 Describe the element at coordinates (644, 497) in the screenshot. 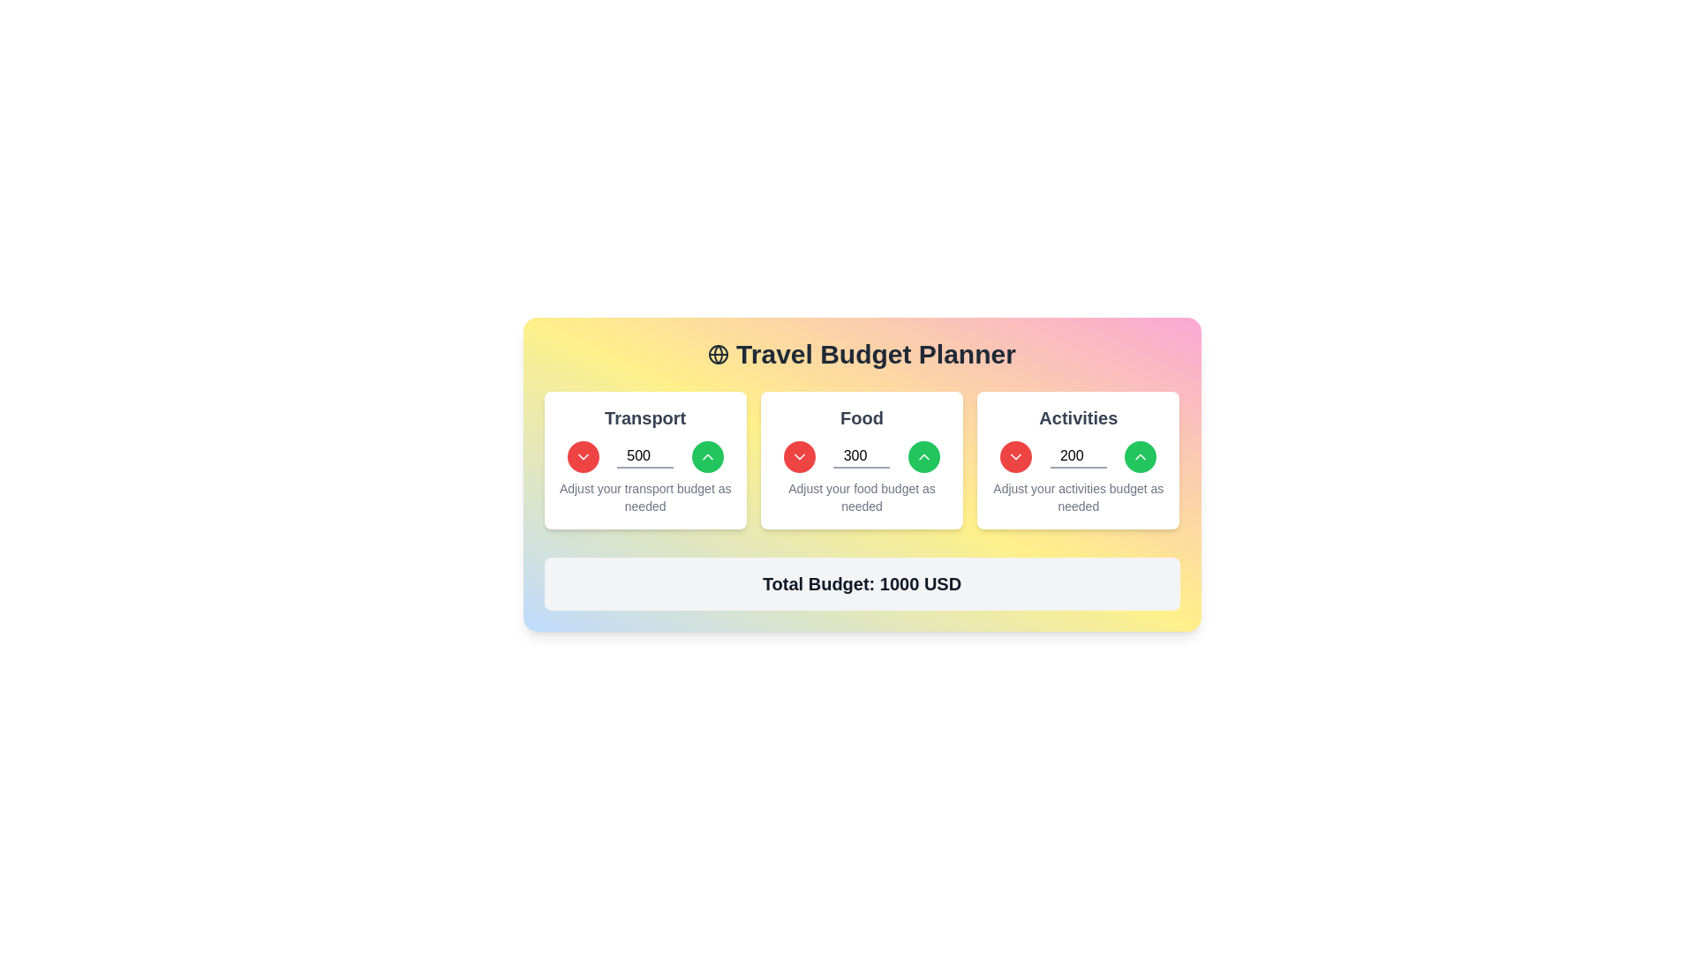

I see `the instruction label located at the bottom of the 'Transport' budget panel, which provides hints for adjusting the transport budget` at that location.